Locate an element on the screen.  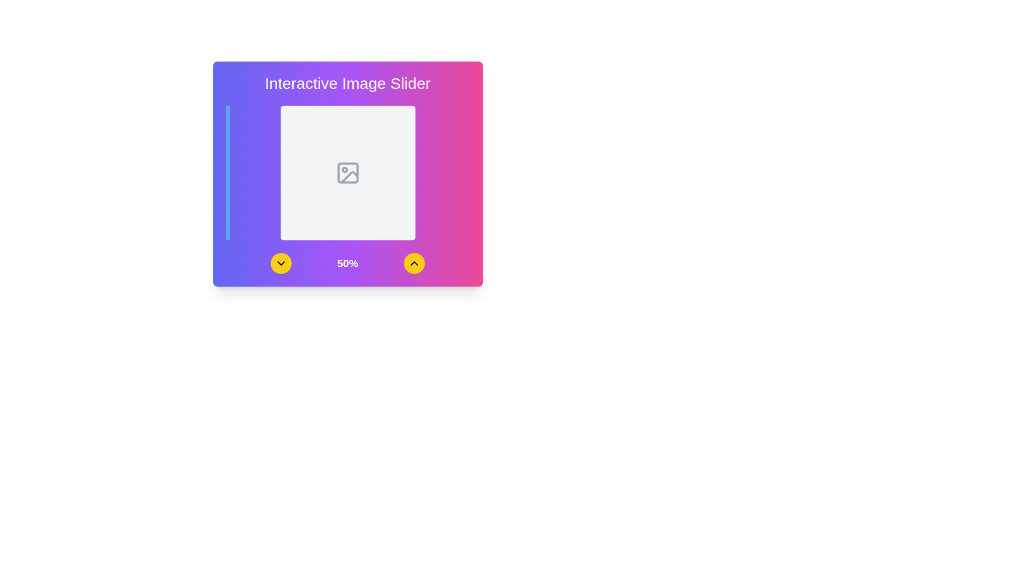
the first circular button from the left, which indicates a 'down' action is located at coordinates (281, 263).